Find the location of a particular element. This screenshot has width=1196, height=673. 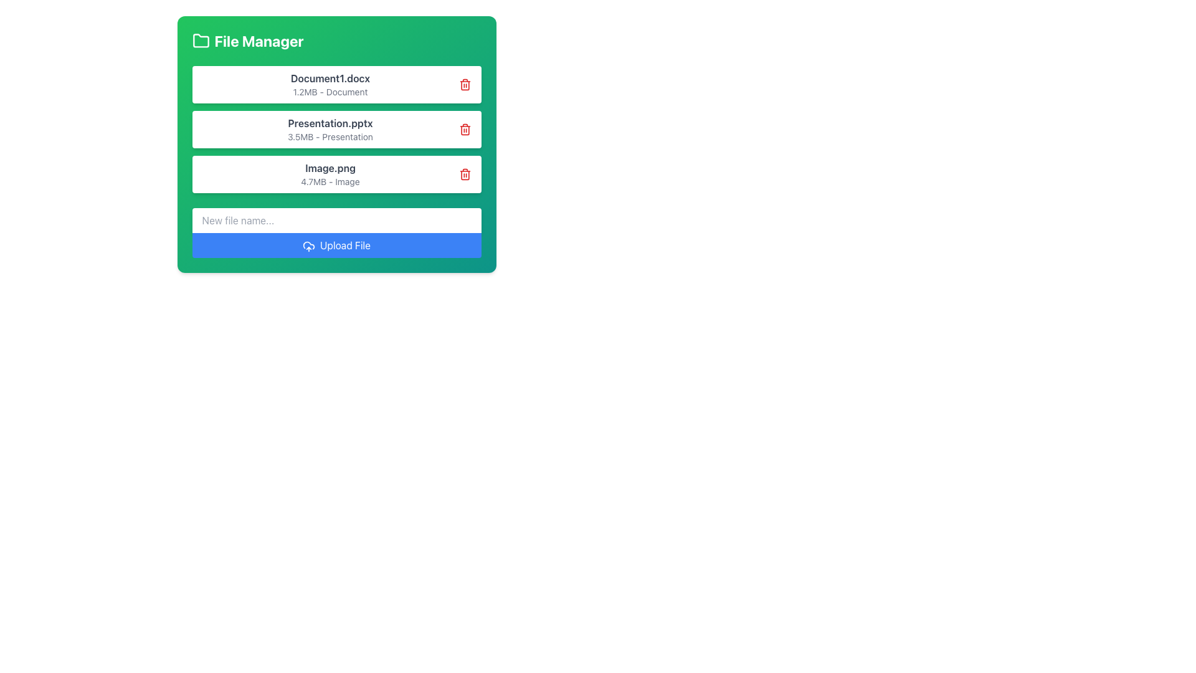

the static text label displaying the filename 'Presentation.pptx' in the file management interface, which is centrally aligned above the descriptive text '3.5MB - Presentation' is located at coordinates (330, 123).